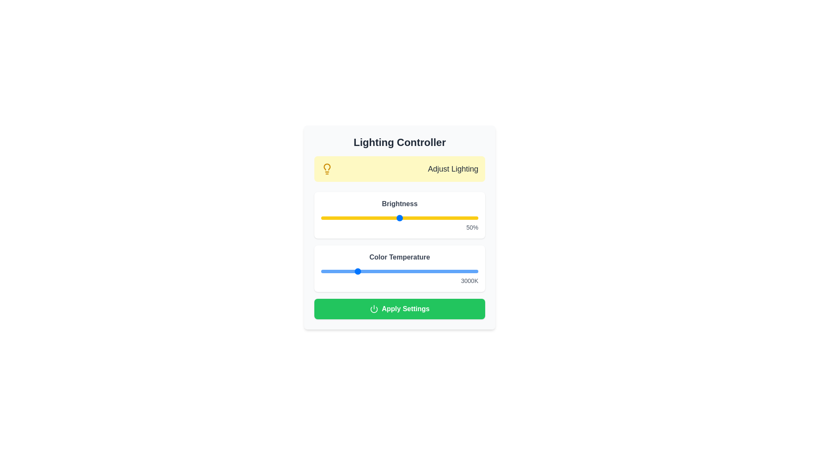  Describe the element at coordinates (396, 217) in the screenshot. I see `the brightness slider to set the brightness level to 48` at that location.